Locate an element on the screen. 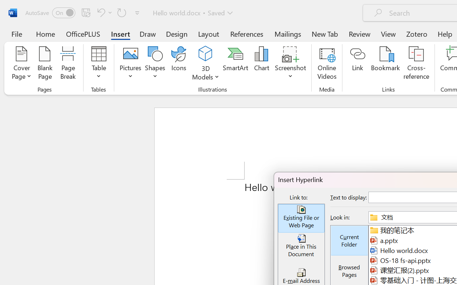 The height and width of the screenshot is (285, 457). 'SmartArt...' is located at coordinates (235, 64).